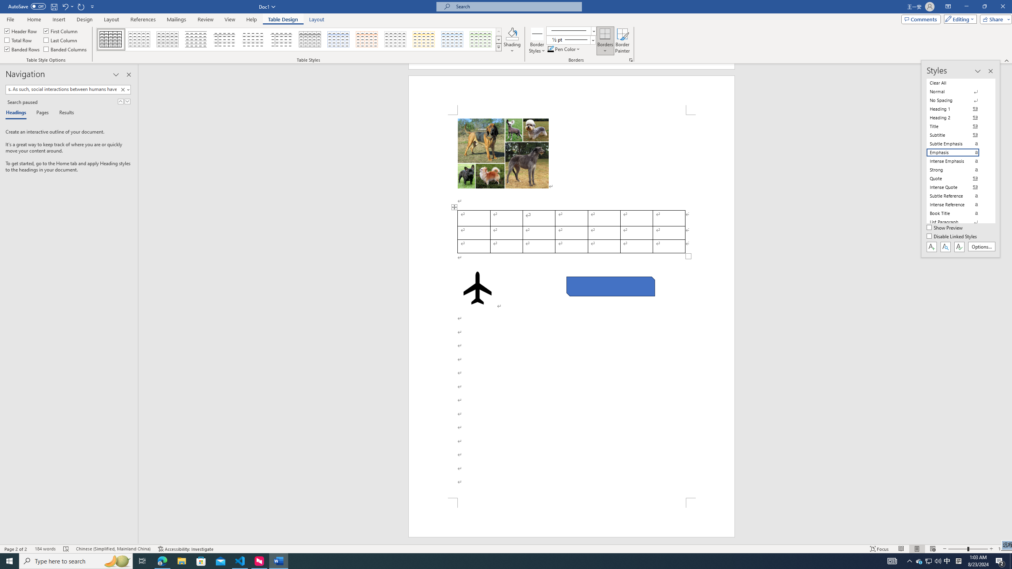 The height and width of the screenshot is (569, 1012). Describe the element at coordinates (959, 247) in the screenshot. I see `'Class: NetUIButton'` at that location.